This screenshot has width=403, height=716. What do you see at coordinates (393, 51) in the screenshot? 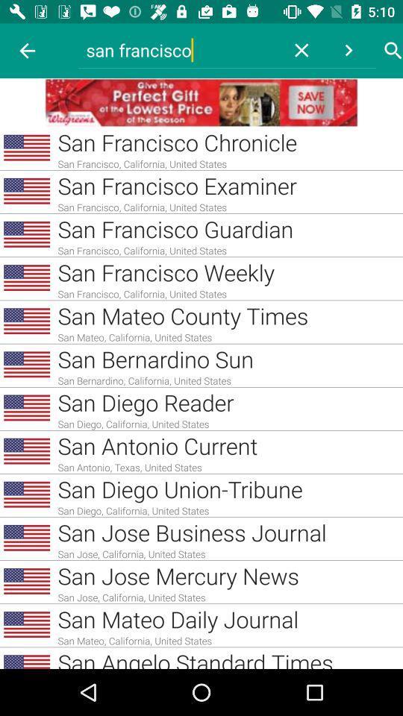
I see `search` at bounding box center [393, 51].